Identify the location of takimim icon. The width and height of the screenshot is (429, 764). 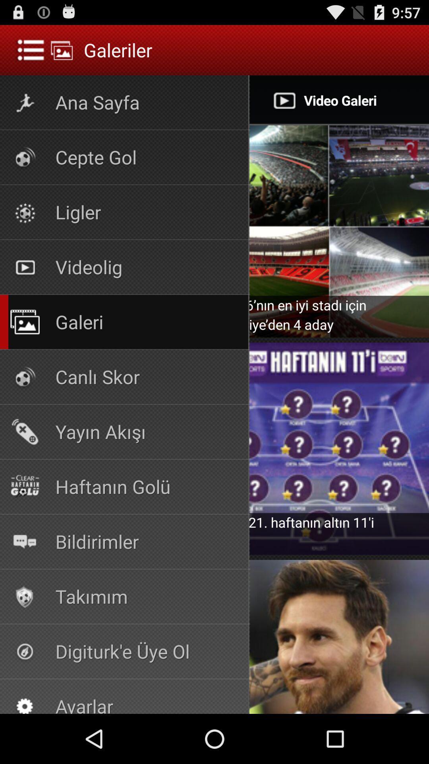
(24, 596).